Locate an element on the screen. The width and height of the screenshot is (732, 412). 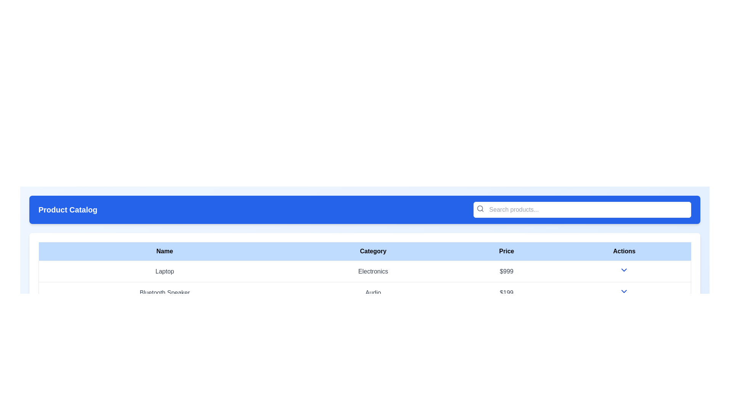
the product name label located in the first column of the first data row of the table, beneath the 'Name' column header, which describes the product listed is located at coordinates (164, 271).